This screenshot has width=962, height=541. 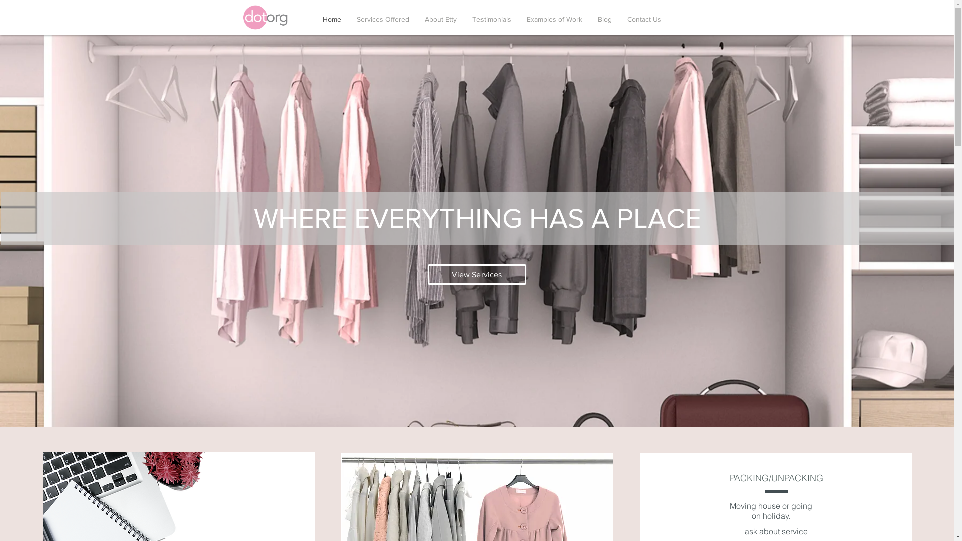 What do you see at coordinates (776, 531) in the screenshot?
I see `'ask about service'` at bounding box center [776, 531].